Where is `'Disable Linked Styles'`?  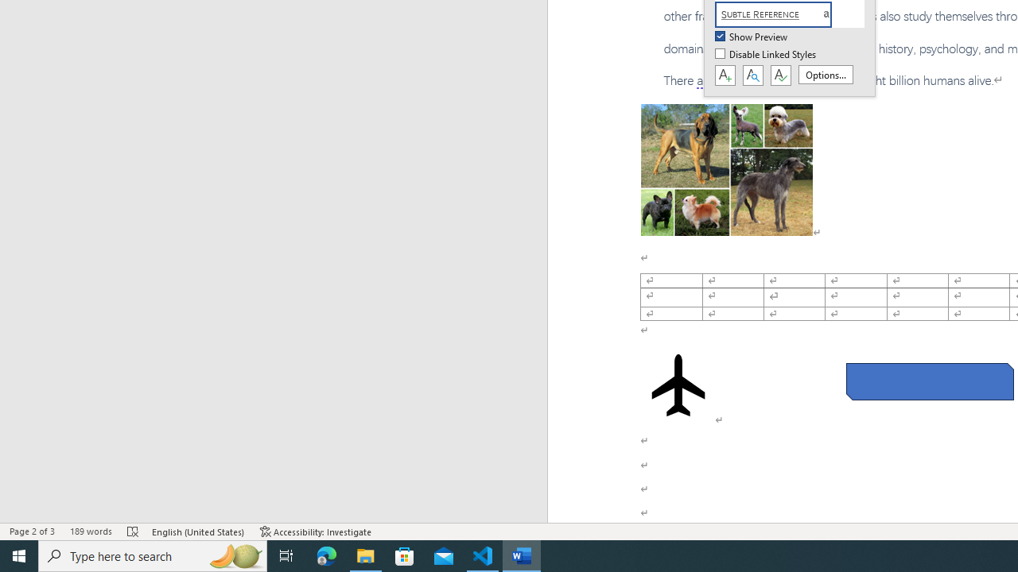
'Disable Linked Styles' is located at coordinates (767, 54).